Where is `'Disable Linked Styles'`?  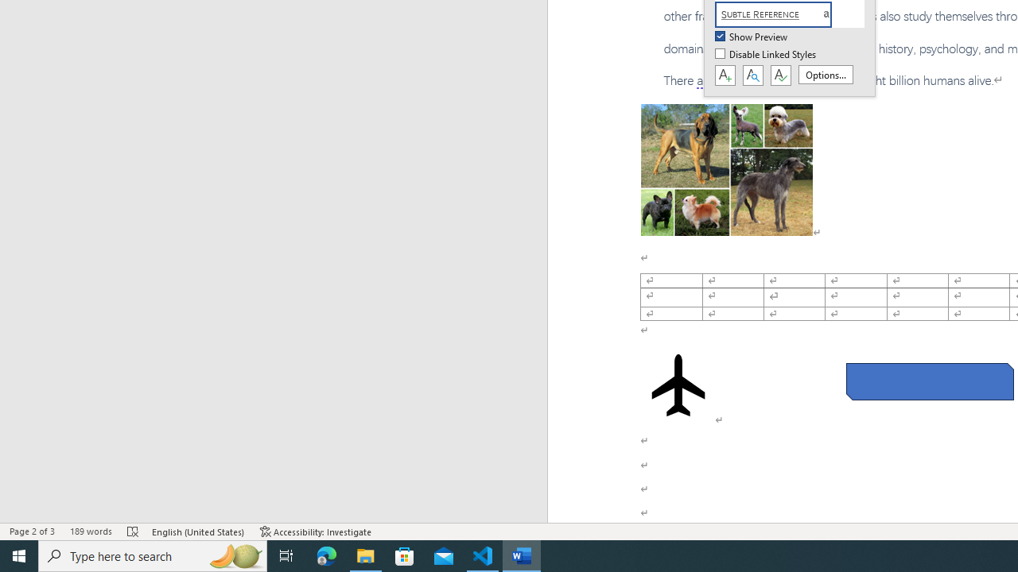
'Disable Linked Styles' is located at coordinates (767, 54).